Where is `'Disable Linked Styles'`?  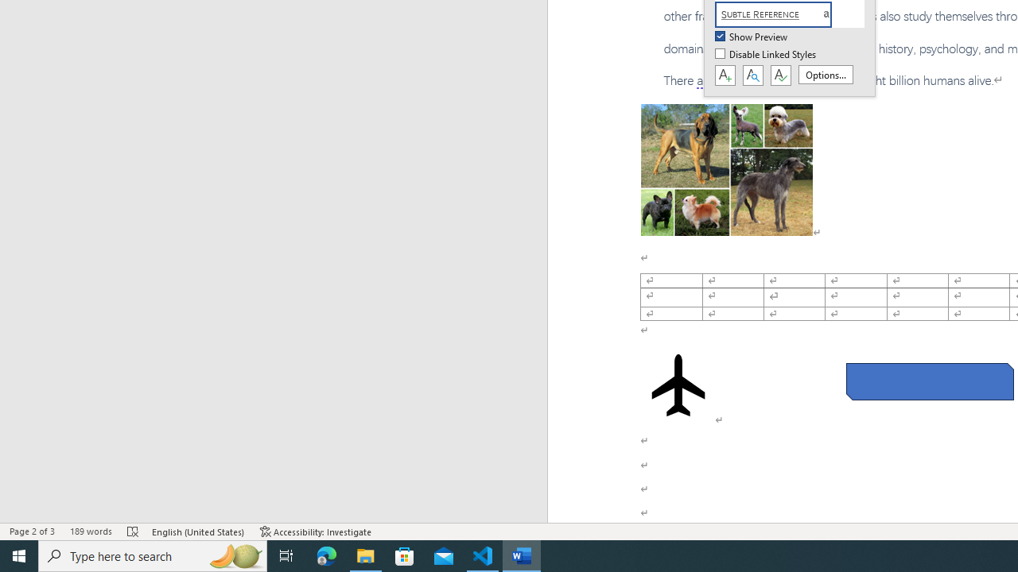
'Disable Linked Styles' is located at coordinates (767, 54).